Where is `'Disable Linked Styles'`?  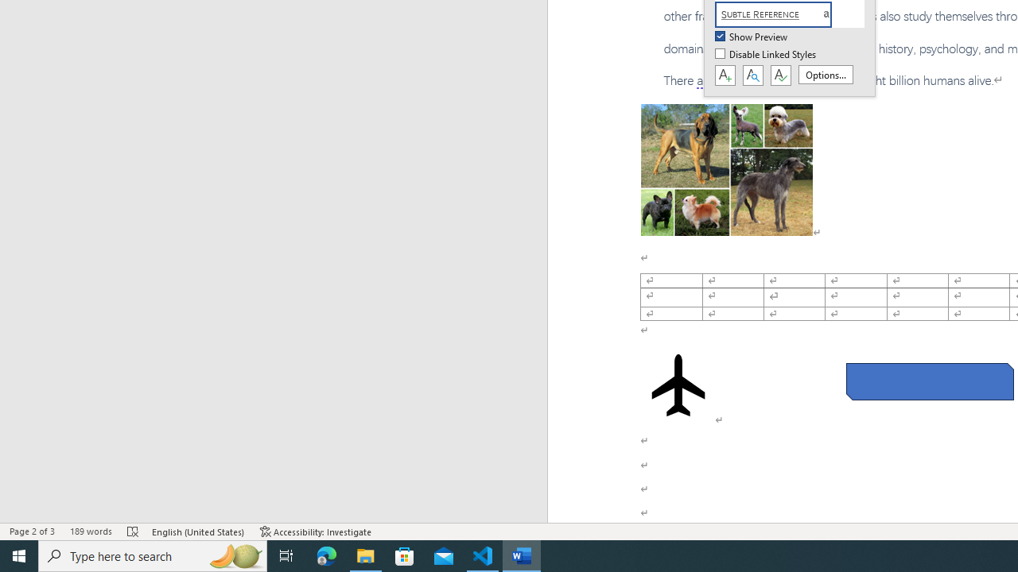
'Disable Linked Styles' is located at coordinates (767, 54).